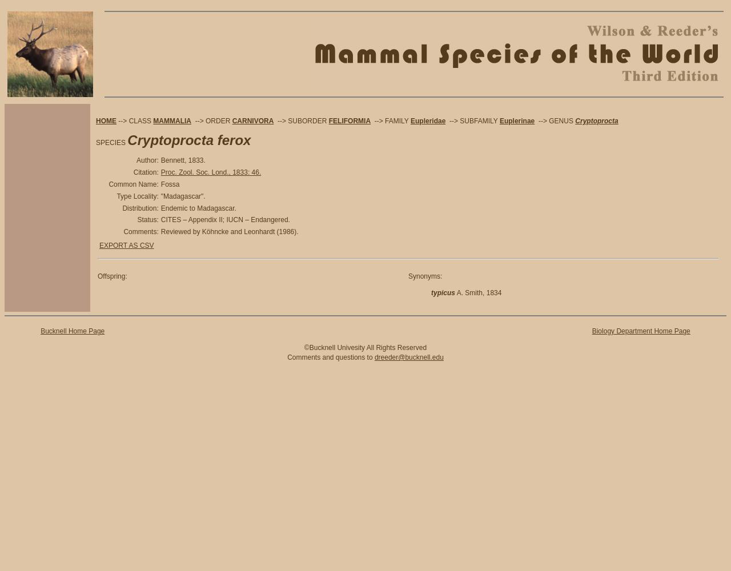  What do you see at coordinates (211, 172) in the screenshot?
I see `'Proc. Zool. Soc. Lond., 1833: 46.'` at bounding box center [211, 172].